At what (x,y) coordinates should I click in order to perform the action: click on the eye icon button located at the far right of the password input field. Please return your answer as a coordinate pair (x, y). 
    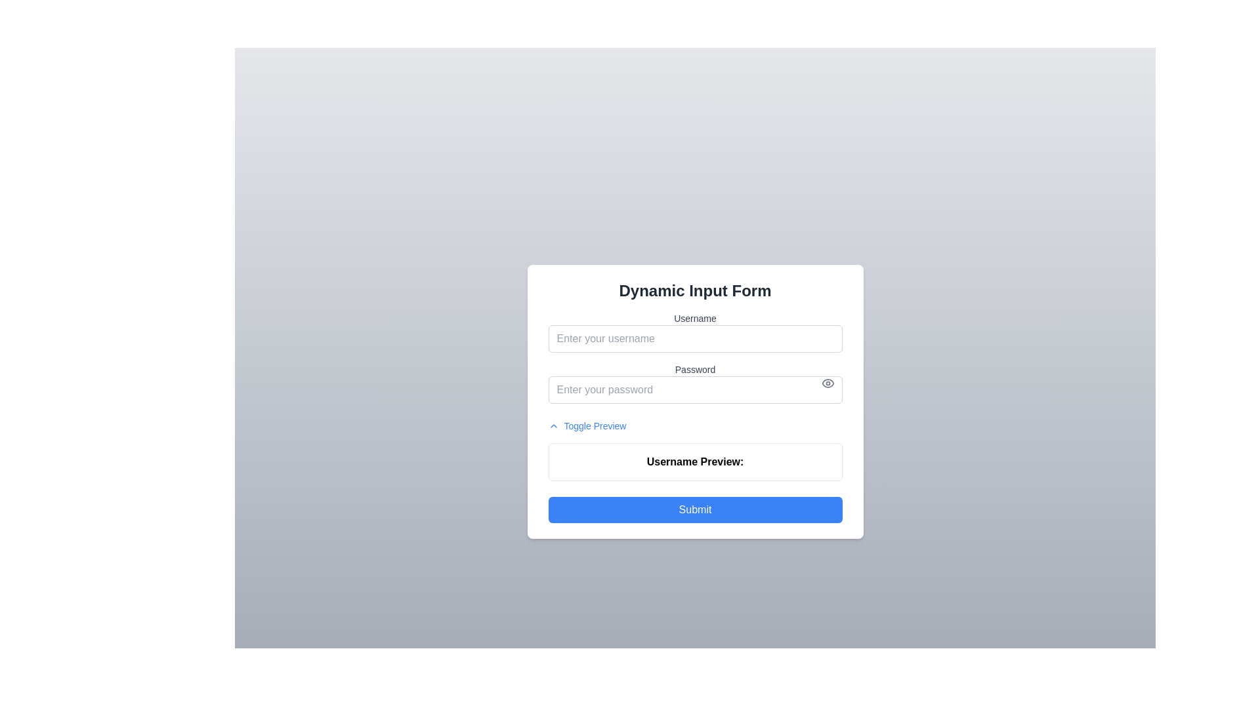
    Looking at the image, I should click on (827, 383).